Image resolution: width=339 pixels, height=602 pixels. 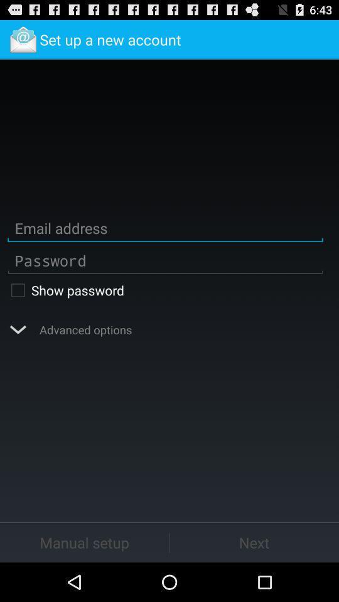 What do you see at coordinates (165, 290) in the screenshot?
I see `show password item` at bounding box center [165, 290].